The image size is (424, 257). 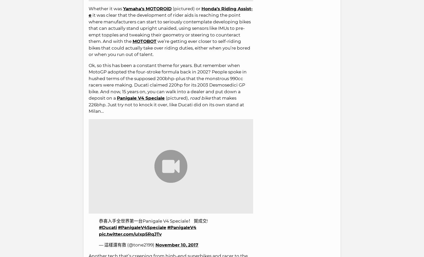 I want to click on 'Ok, so this has been a constant theme for years. But remember when MotoGP adopted the four-stroke formula back in 2002? People spoke in hushed terms of the supposed 200bhp-plus that the monstrous 990cc racers were making. Ducati claimed 220hp for its 2003 Desmosedici GP bike. And now, 15 years on, you can walk into a dealer and put down a deposit on a', so click(x=167, y=82).